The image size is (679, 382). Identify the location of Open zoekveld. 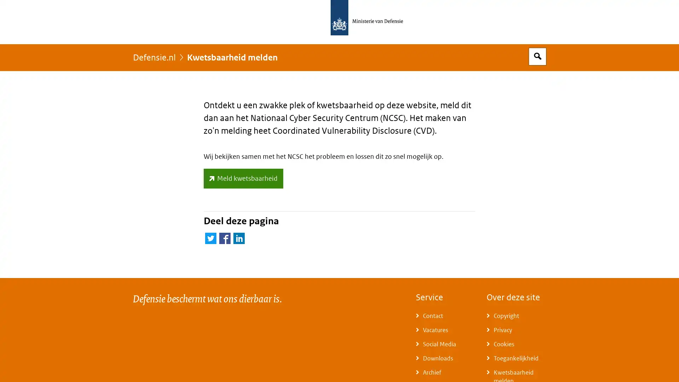
(538, 56).